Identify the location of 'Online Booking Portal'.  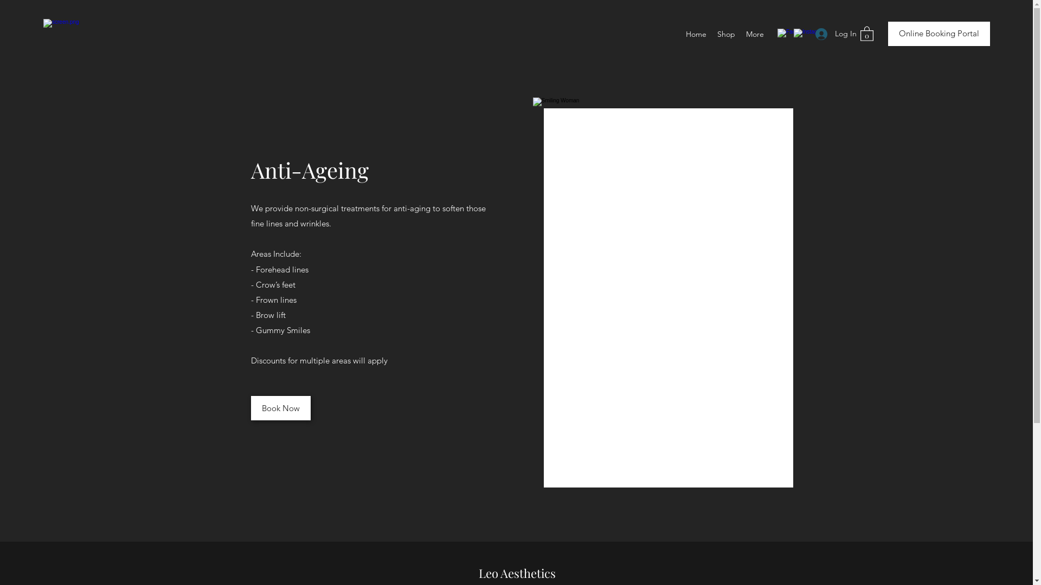
(939, 33).